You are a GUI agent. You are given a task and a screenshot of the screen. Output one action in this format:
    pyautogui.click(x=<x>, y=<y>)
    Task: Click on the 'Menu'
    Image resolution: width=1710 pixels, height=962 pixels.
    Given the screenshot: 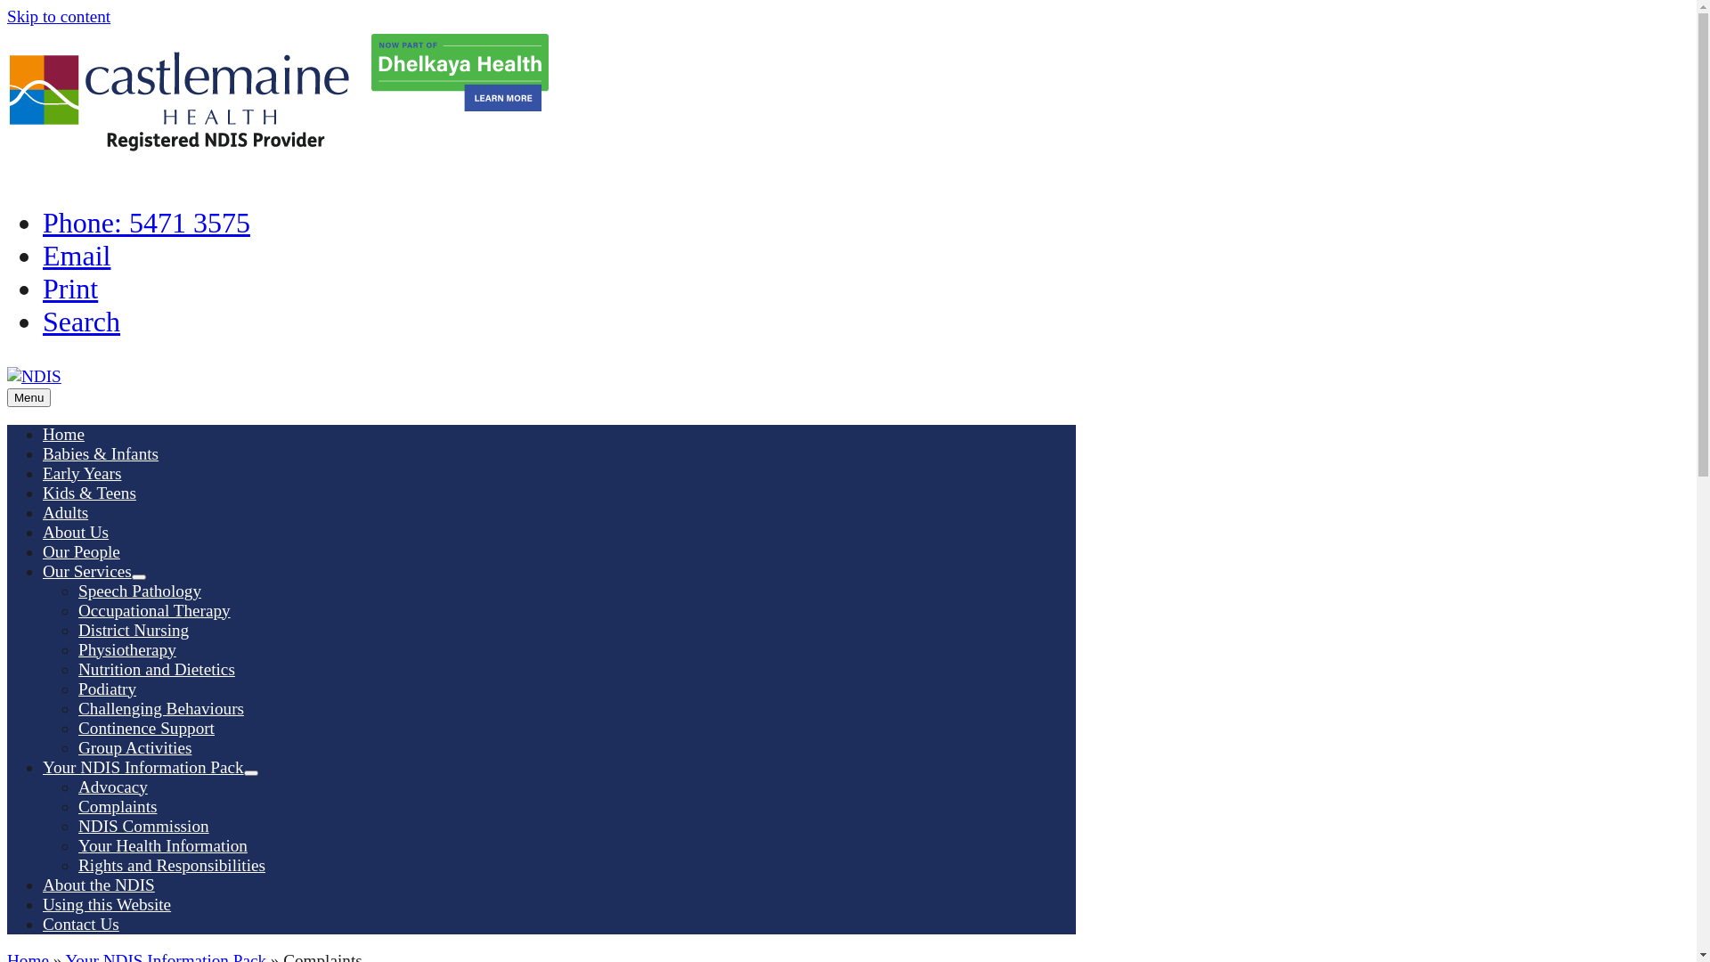 What is the action you would take?
    pyautogui.click(x=28, y=396)
    